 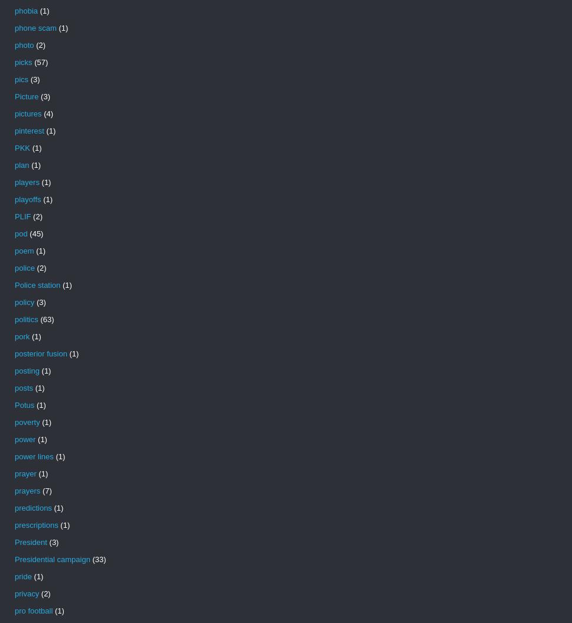 I want to click on 'pod', so click(x=21, y=233).